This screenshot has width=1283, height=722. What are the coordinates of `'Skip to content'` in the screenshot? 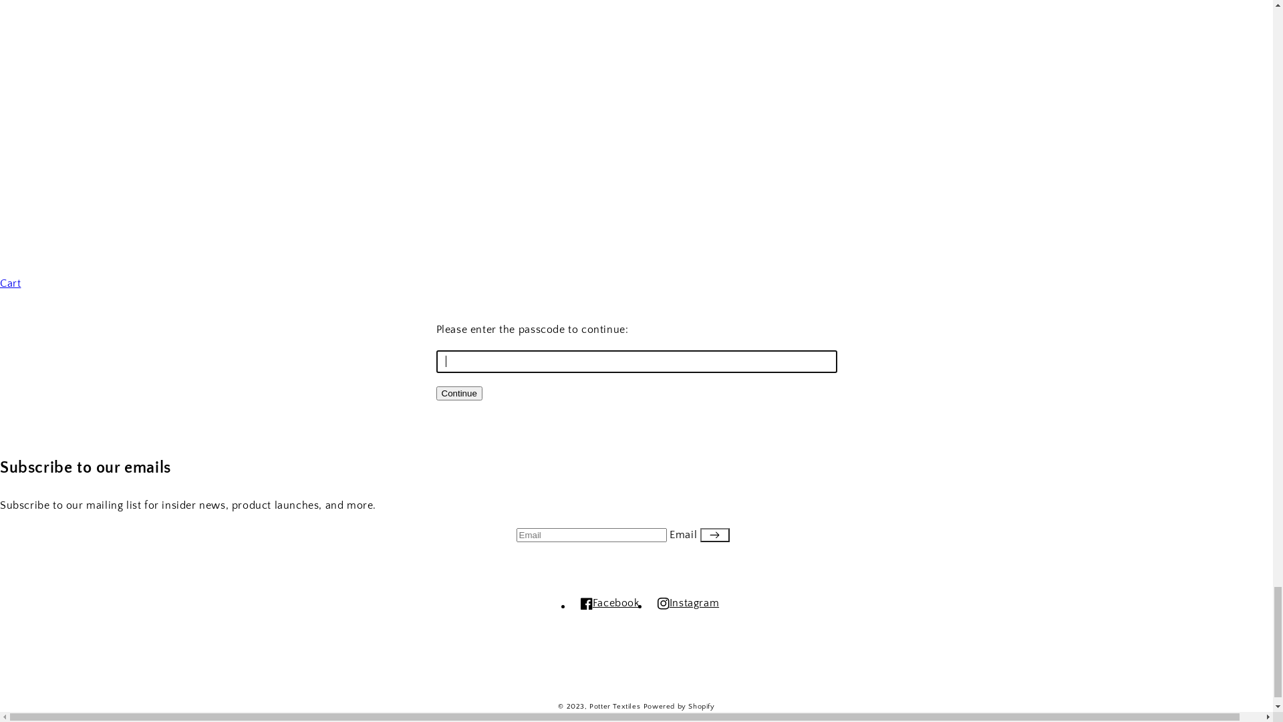 It's located at (0, 9).